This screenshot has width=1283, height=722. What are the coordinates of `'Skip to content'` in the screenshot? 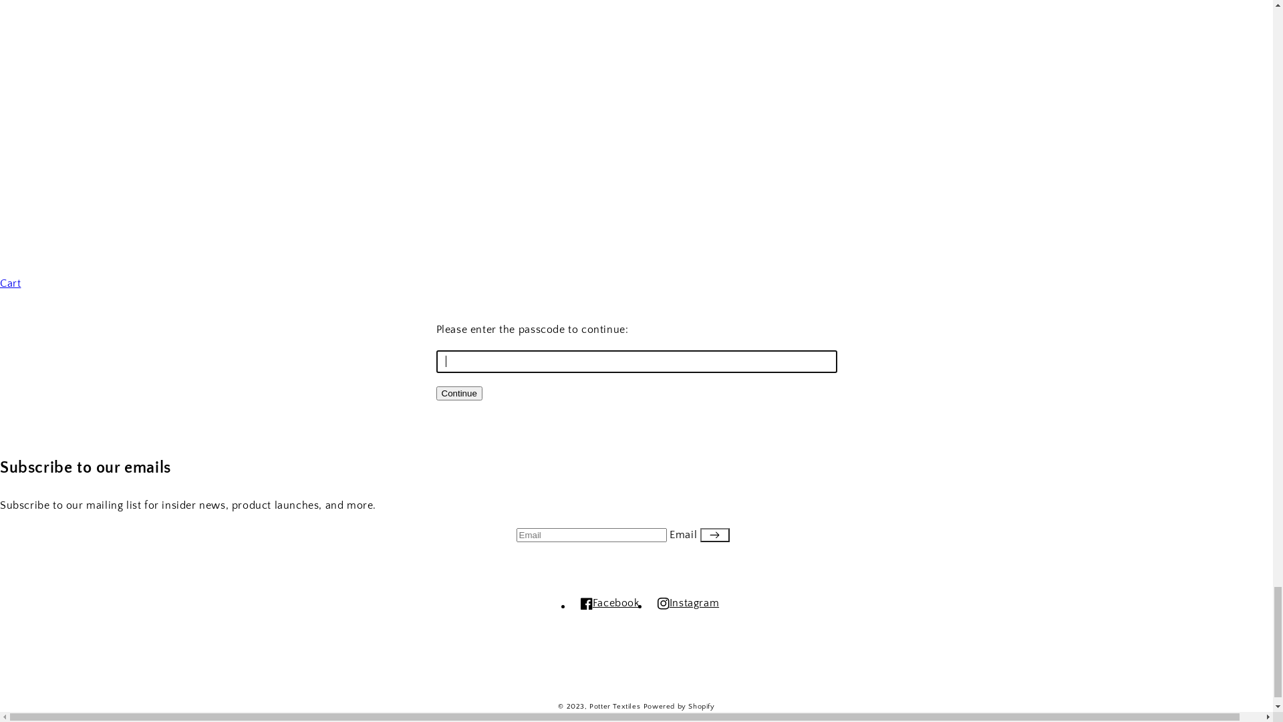 It's located at (0, 9).